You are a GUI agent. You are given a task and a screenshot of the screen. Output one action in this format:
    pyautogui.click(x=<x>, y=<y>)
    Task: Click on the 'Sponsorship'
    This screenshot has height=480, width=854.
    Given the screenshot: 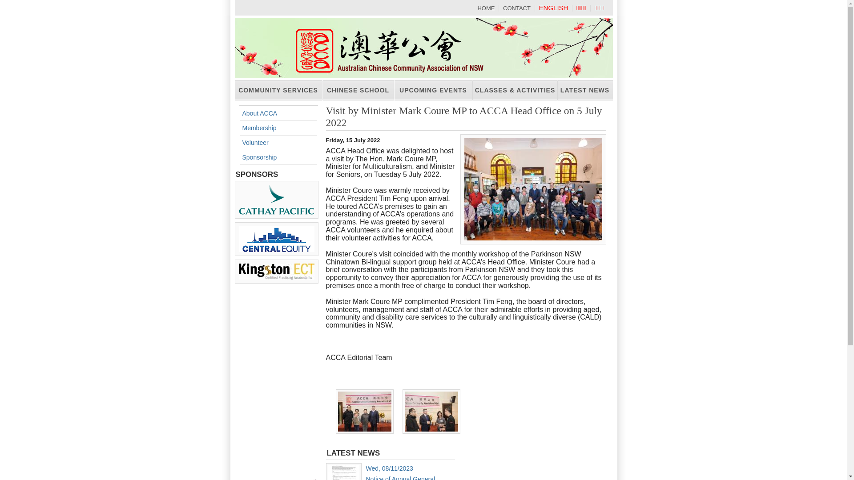 What is the action you would take?
    pyautogui.click(x=258, y=157)
    